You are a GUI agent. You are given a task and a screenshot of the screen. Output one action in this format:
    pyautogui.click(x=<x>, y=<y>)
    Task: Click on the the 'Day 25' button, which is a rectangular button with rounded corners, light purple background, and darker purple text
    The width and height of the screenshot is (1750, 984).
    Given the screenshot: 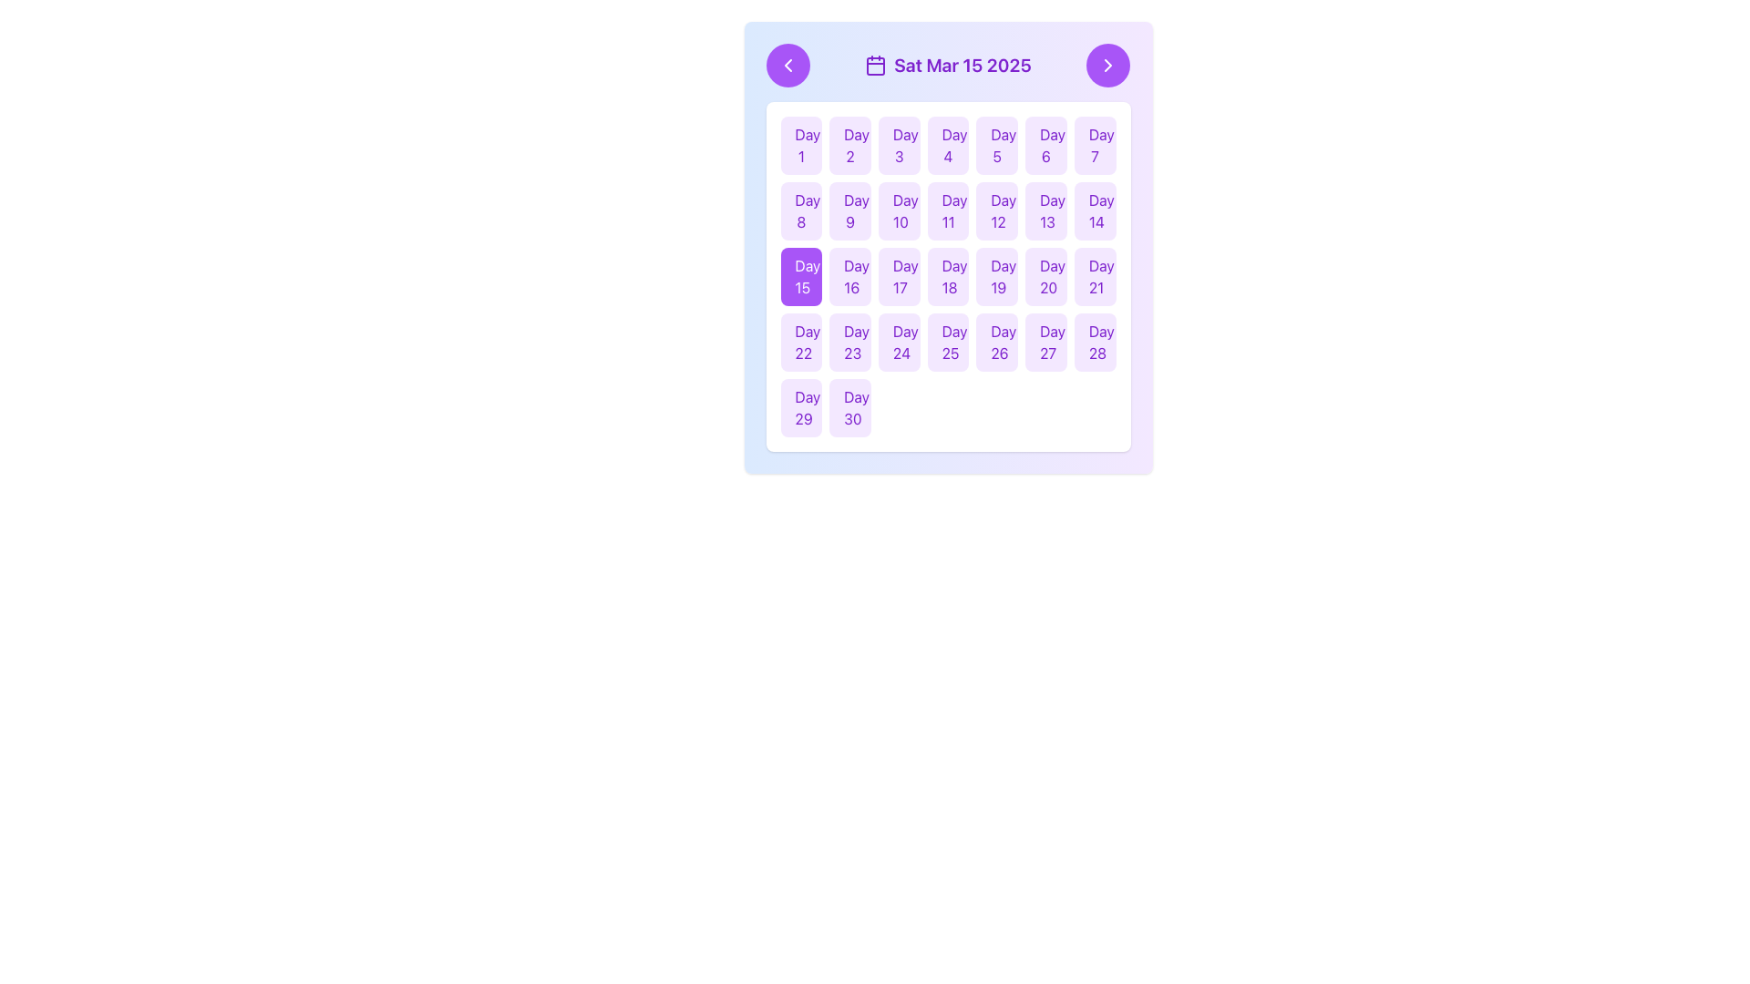 What is the action you would take?
    pyautogui.click(x=948, y=342)
    